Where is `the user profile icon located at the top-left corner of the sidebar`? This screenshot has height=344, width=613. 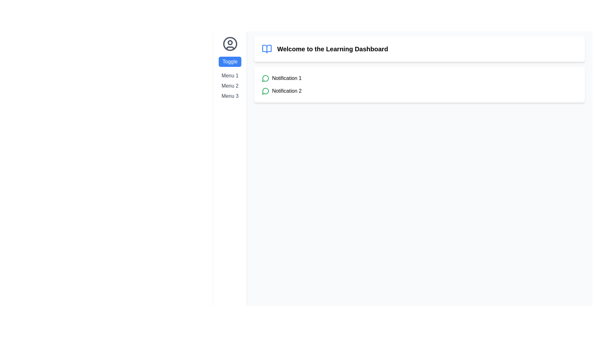
the user profile icon located at the top-left corner of the sidebar is located at coordinates (230, 44).